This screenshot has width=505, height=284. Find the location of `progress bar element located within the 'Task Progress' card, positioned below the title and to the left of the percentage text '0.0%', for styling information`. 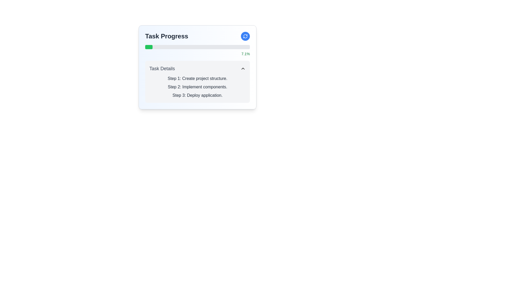

progress bar element located within the 'Task Progress' card, positioned below the title and to the left of the percentage text '0.0%', for styling information is located at coordinates (197, 47).